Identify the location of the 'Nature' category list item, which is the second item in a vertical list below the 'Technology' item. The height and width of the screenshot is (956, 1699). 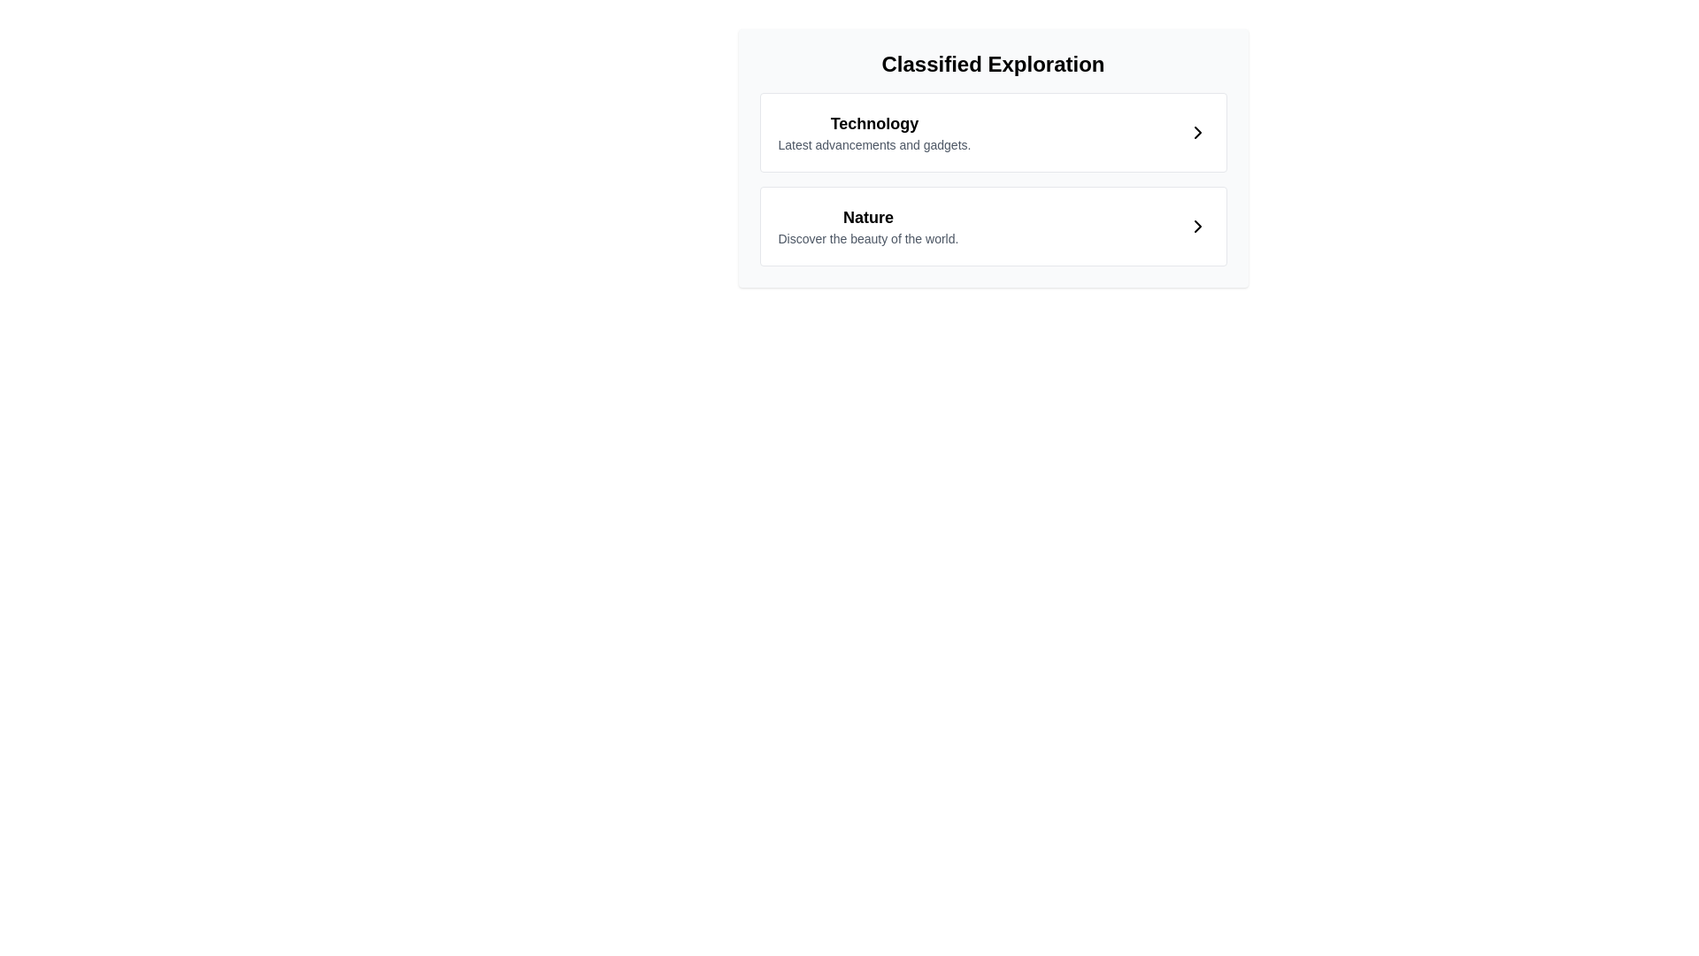
(993, 225).